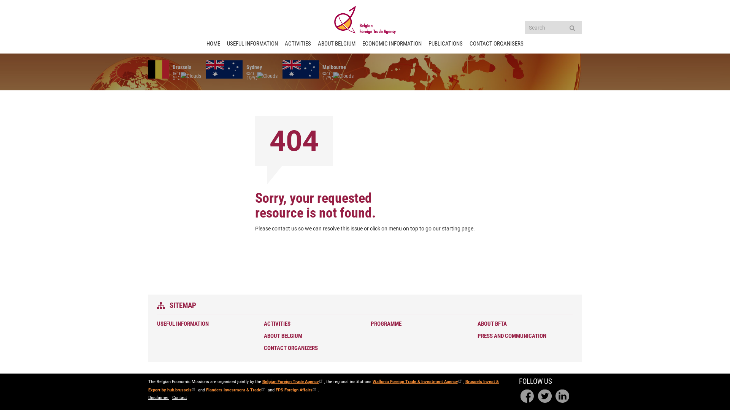 The height and width of the screenshot is (410, 730). What do you see at coordinates (296, 389) in the screenshot?
I see `'FPS Foreign Affairs(link is external)'` at bounding box center [296, 389].